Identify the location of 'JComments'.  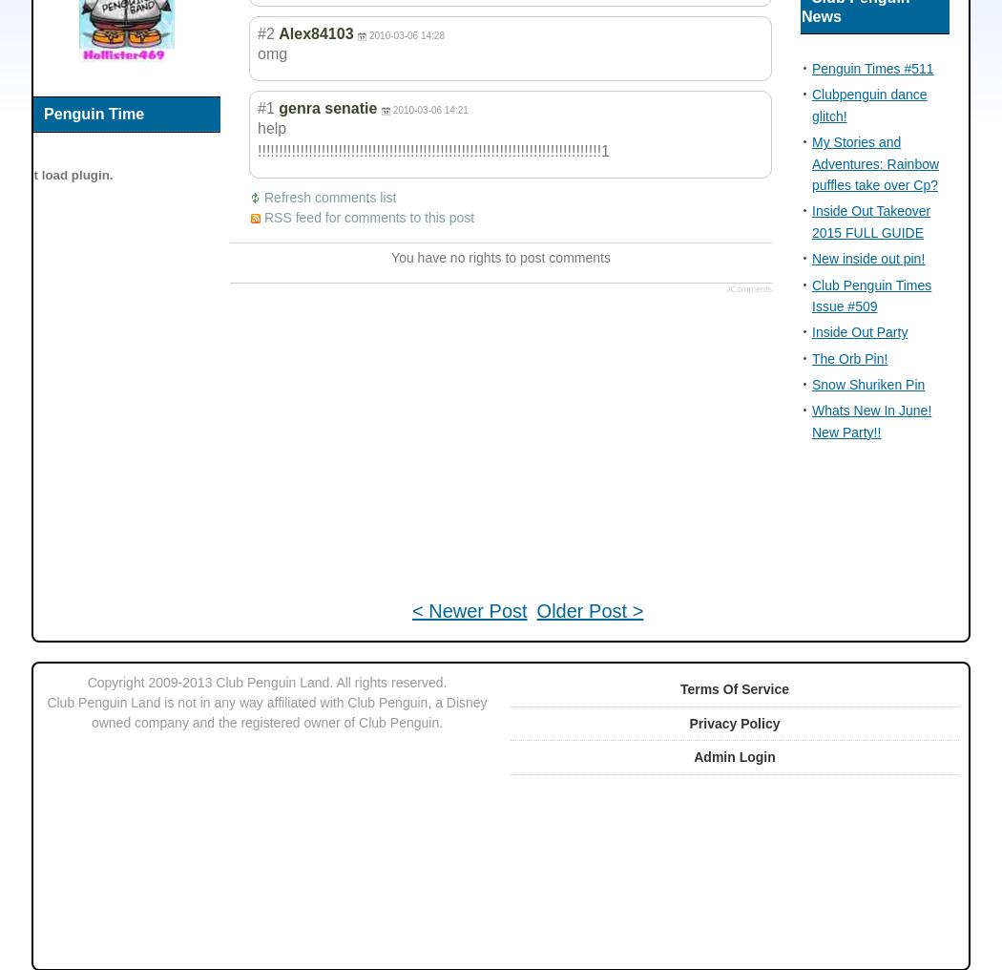
(748, 287).